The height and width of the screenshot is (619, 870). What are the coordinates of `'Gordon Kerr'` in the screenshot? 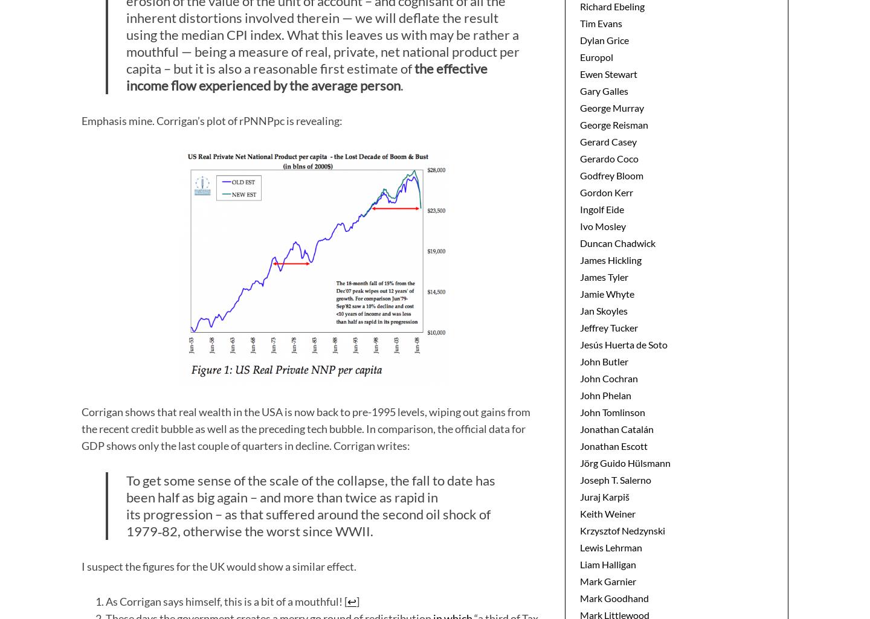 It's located at (605, 191).